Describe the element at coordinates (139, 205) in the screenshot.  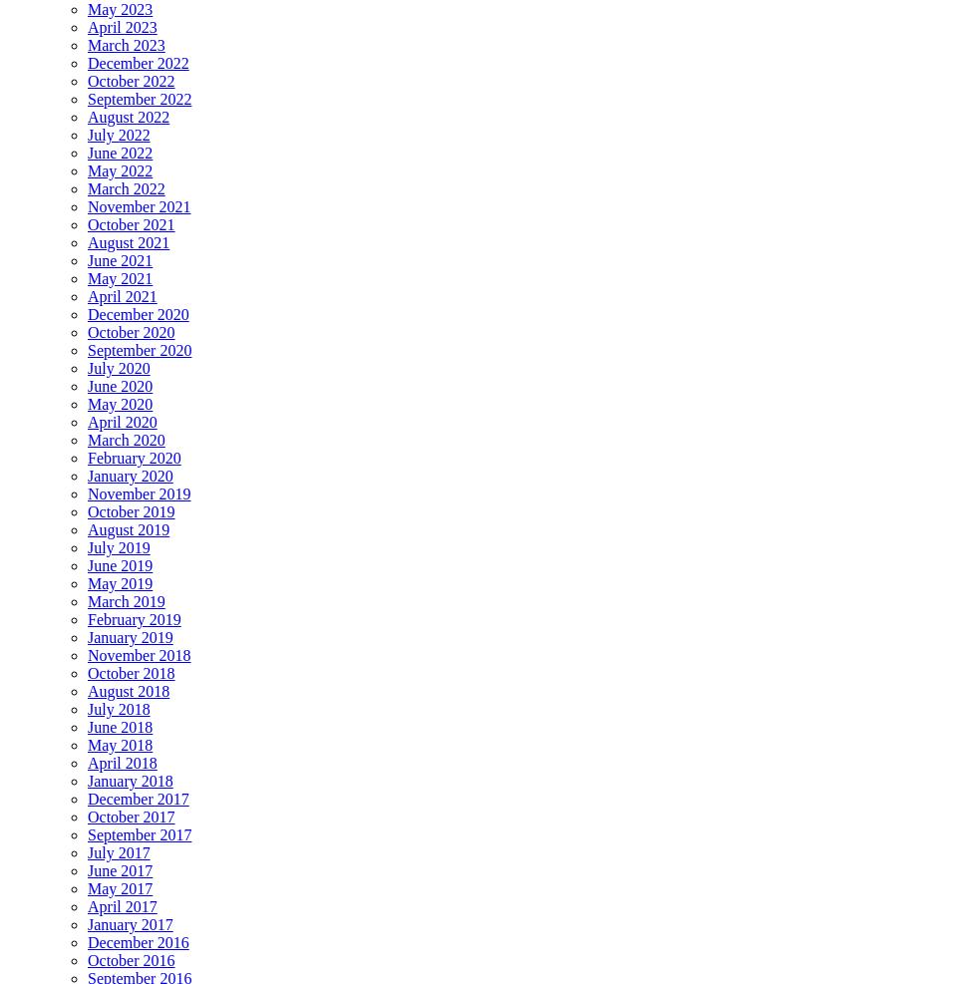
I see `'November 2021'` at that location.